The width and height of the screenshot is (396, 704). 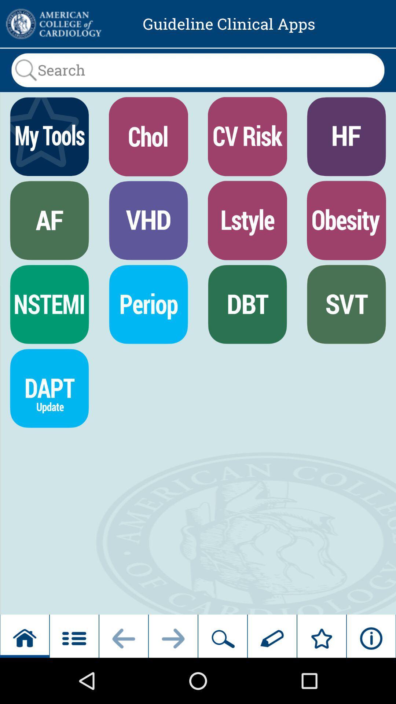 What do you see at coordinates (53, 24) in the screenshot?
I see `the item to the left of the guideline clinical apps icon` at bounding box center [53, 24].